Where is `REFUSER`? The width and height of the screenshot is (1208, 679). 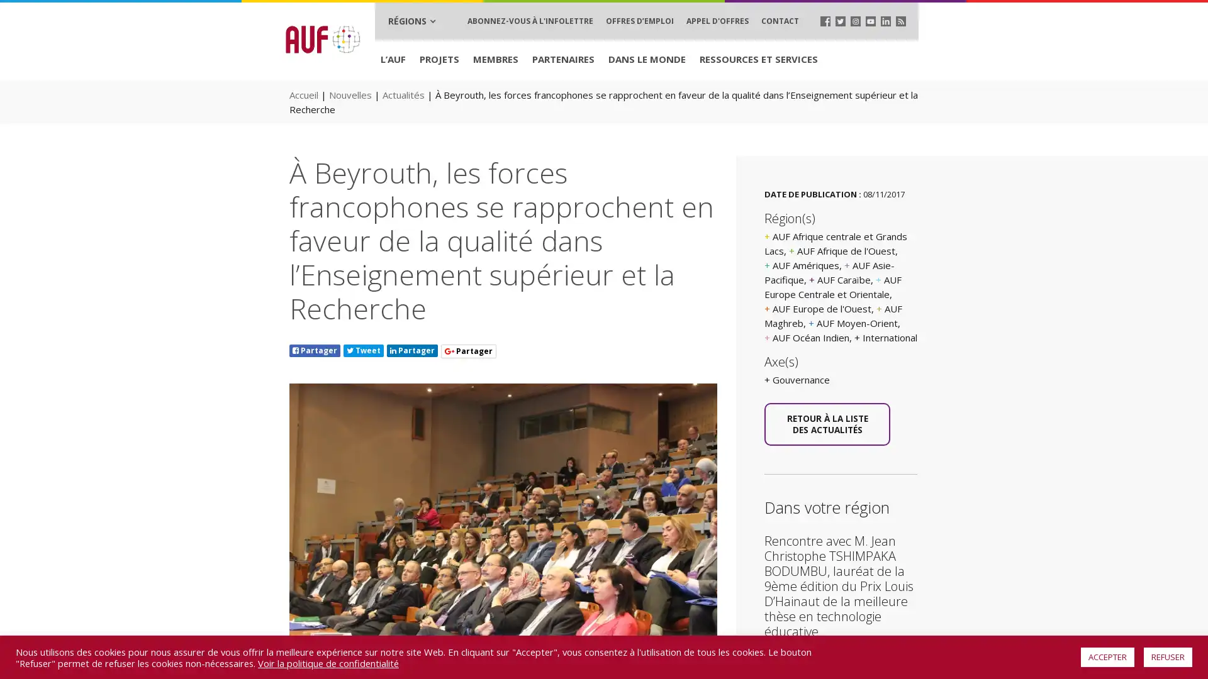 REFUSER is located at coordinates (1167, 656).